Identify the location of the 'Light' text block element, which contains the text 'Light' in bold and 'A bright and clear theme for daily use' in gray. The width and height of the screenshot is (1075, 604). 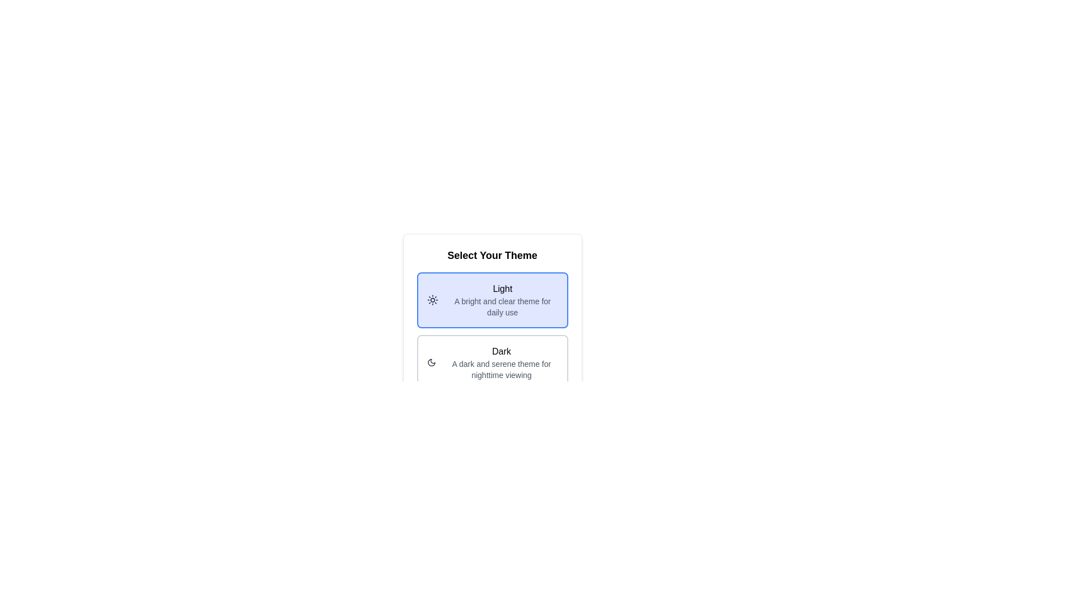
(502, 299).